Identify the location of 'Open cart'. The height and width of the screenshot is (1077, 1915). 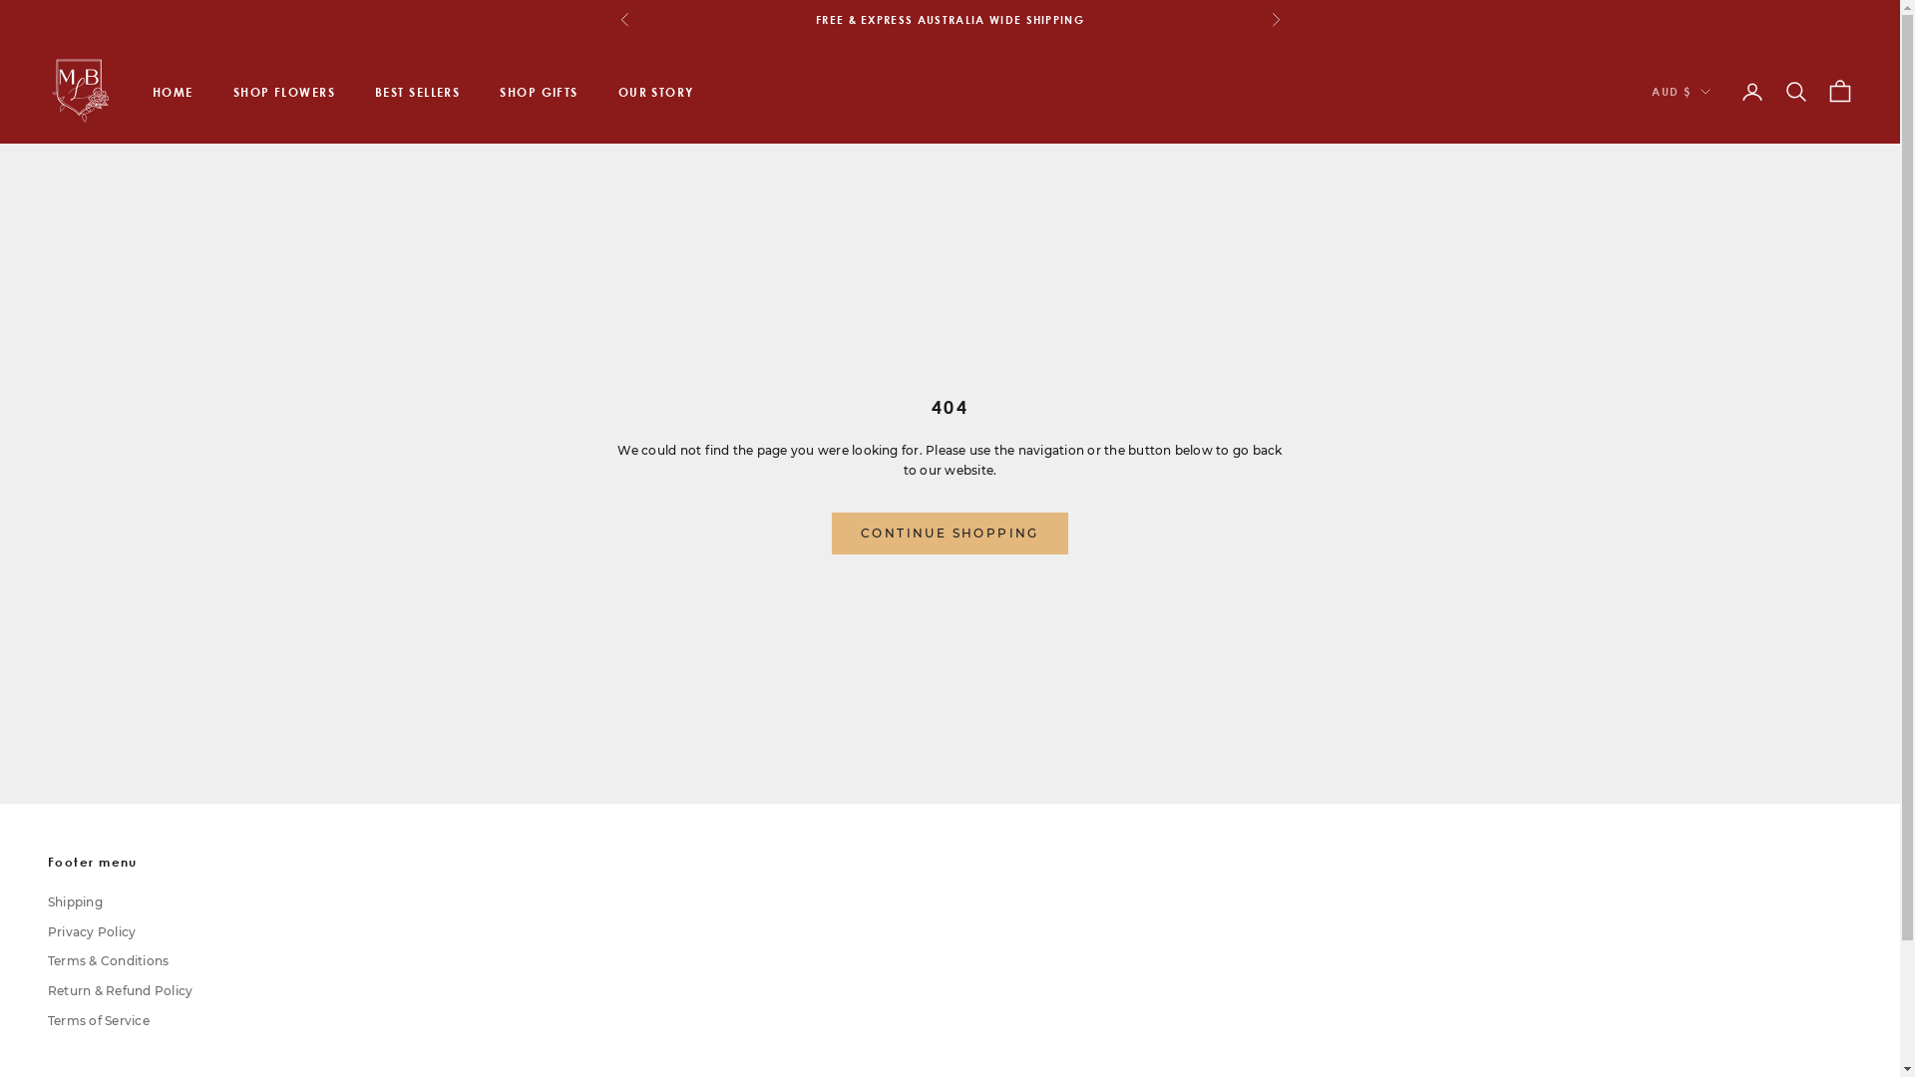
(1838, 92).